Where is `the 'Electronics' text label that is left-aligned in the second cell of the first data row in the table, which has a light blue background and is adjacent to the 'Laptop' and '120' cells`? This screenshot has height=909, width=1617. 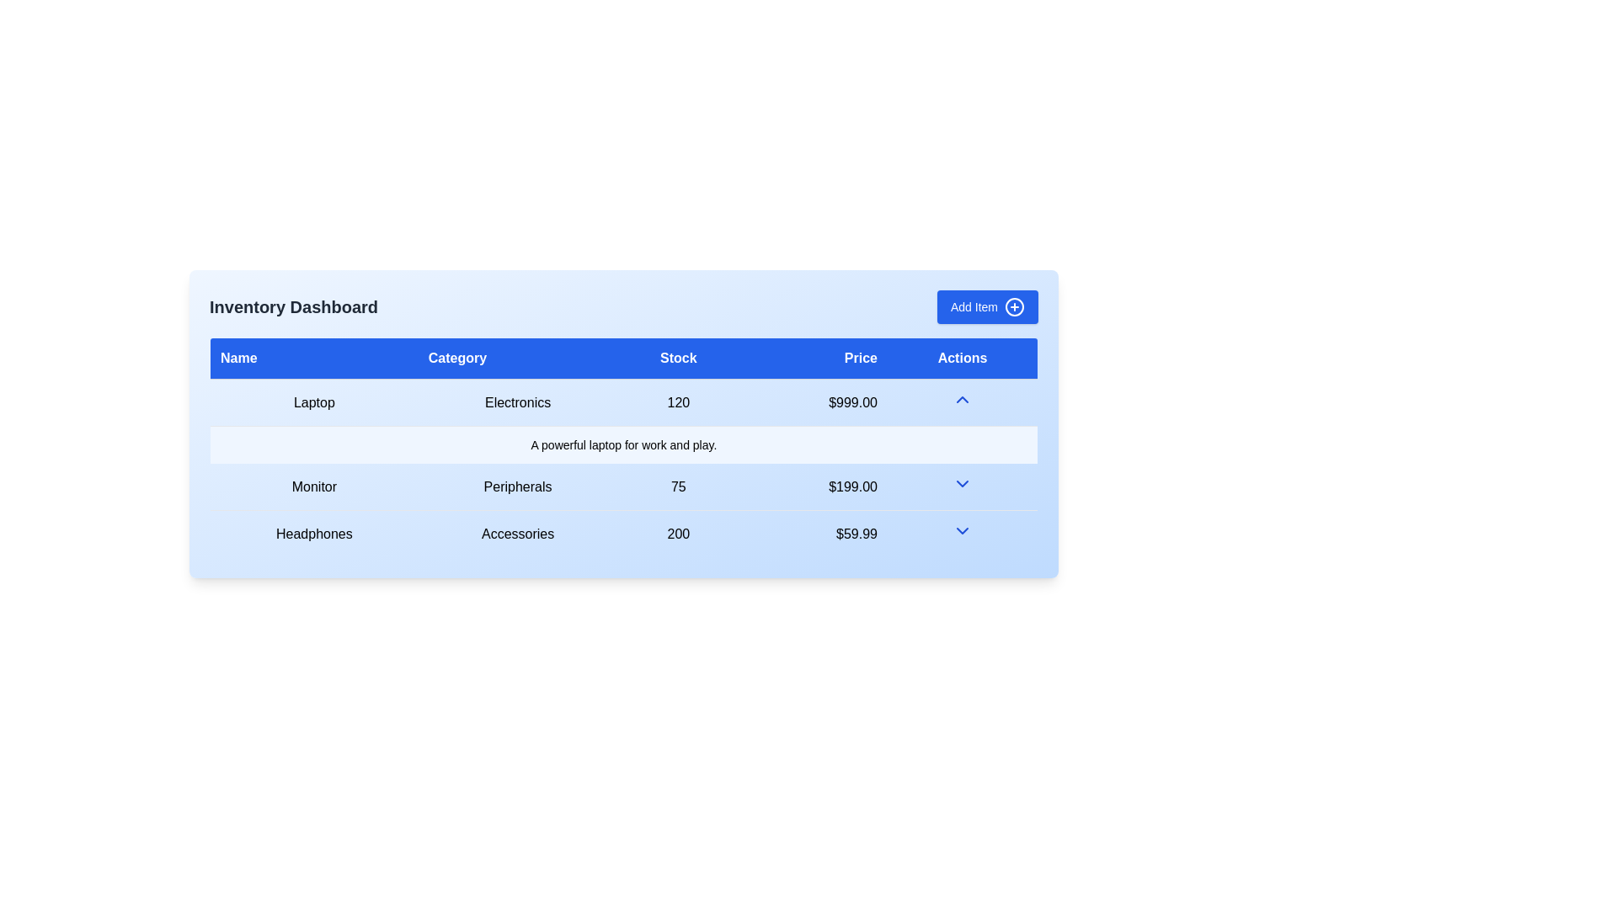
the 'Electronics' text label that is left-aligned in the second cell of the first data row in the table, which has a light blue background and is adjacent to the 'Laptop' and '120' cells is located at coordinates (517, 402).